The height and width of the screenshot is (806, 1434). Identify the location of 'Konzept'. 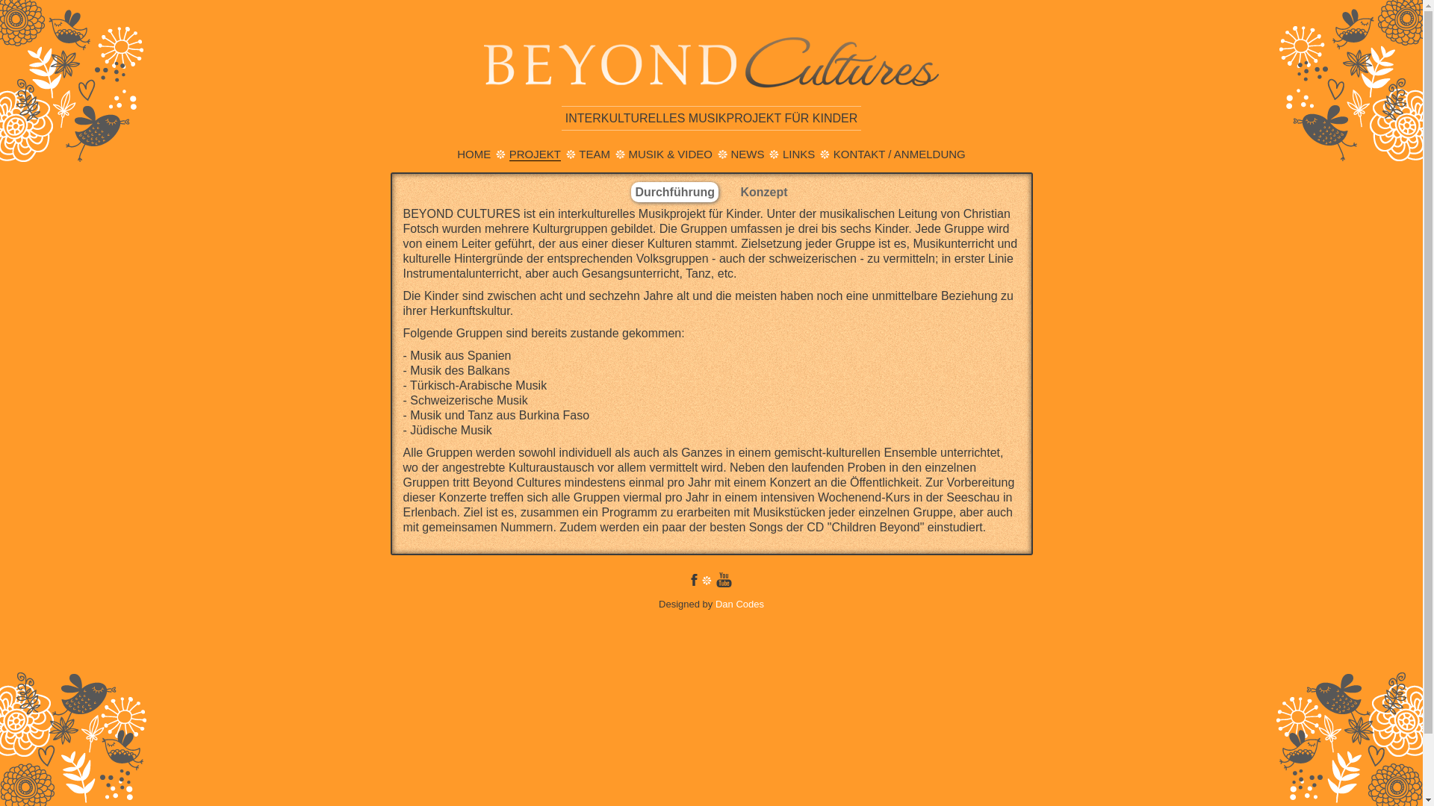
(764, 191).